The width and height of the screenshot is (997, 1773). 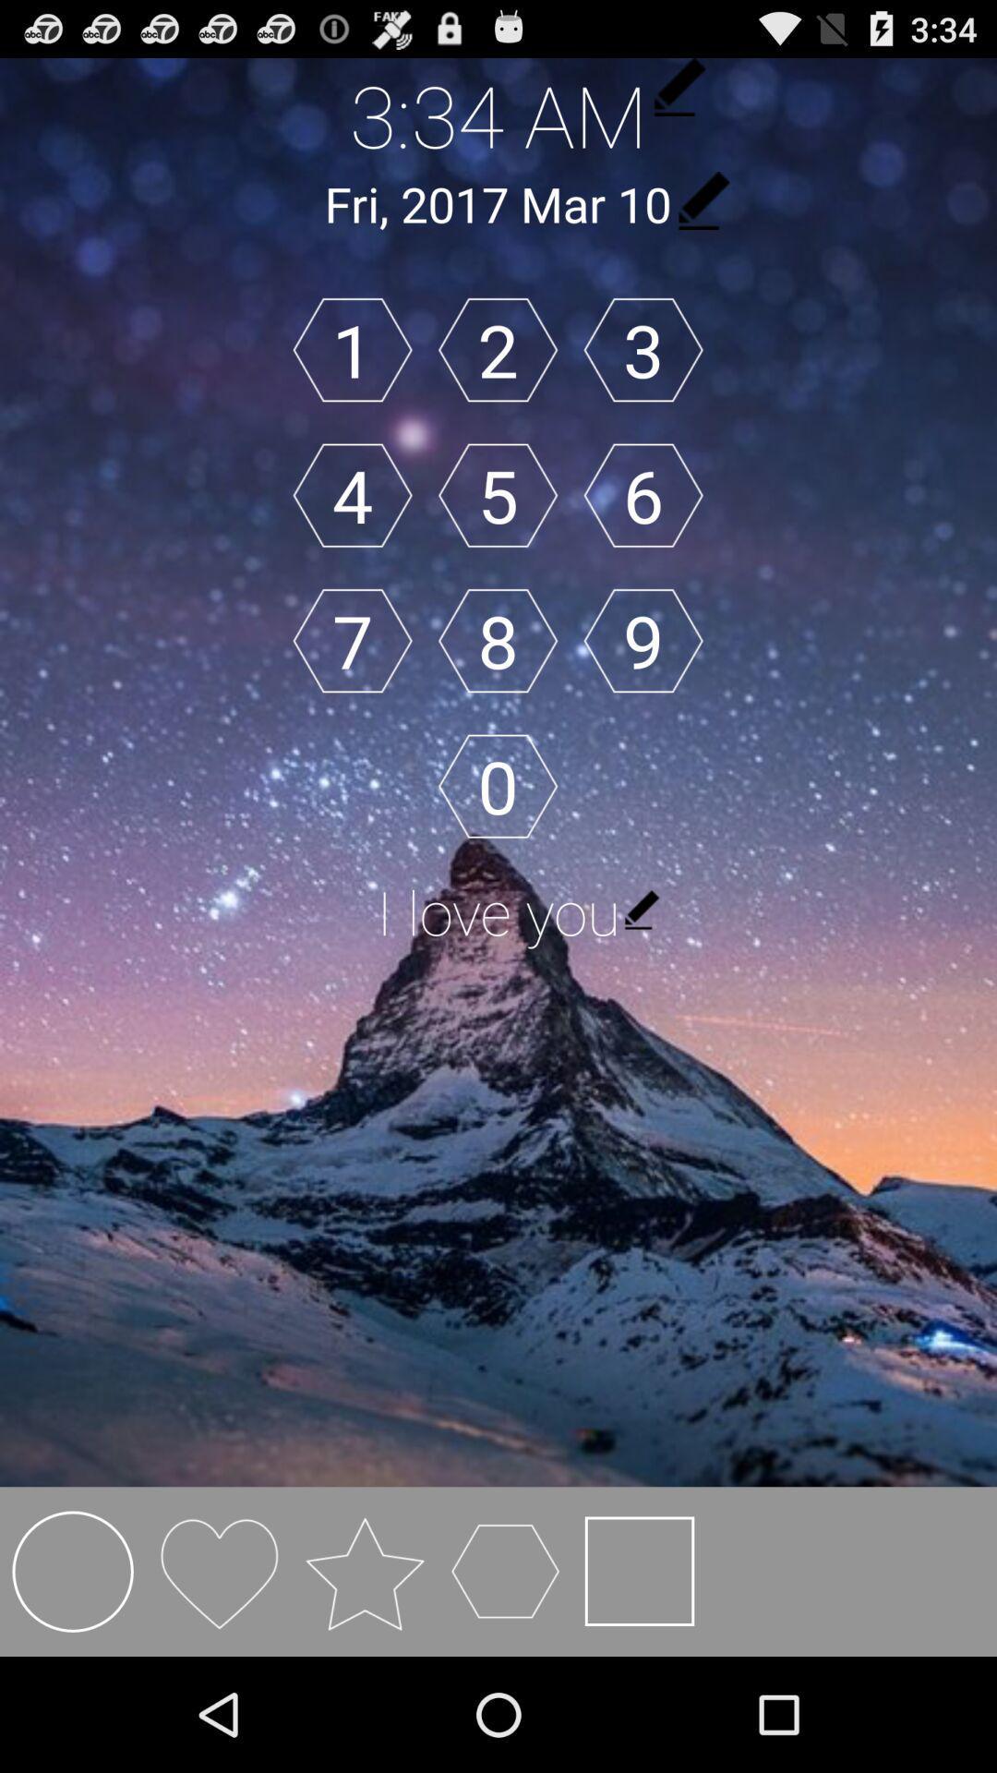 What do you see at coordinates (643, 495) in the screenshot?
I see `item above 9 icon` at bounding box center [643, 495].